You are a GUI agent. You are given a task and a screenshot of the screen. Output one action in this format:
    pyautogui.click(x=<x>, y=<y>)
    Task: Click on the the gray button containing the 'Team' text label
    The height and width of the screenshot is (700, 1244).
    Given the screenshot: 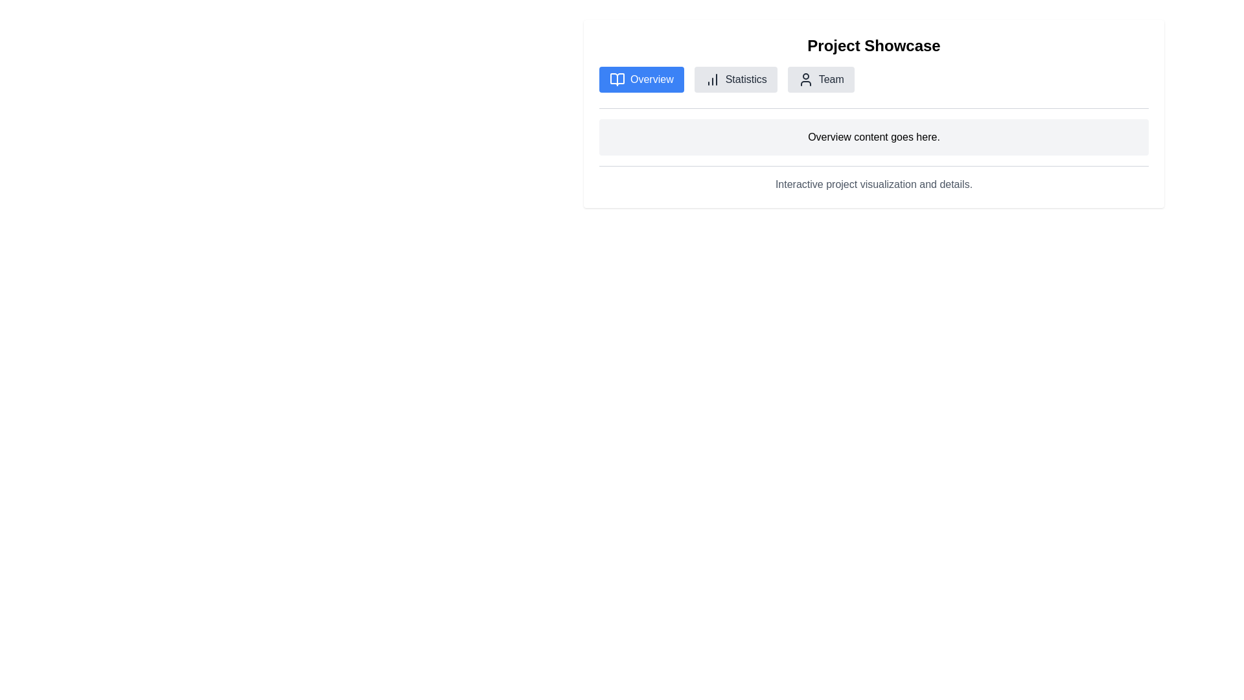 What is the action you would take?
    pyautogui.click(x=831, y=80)
    